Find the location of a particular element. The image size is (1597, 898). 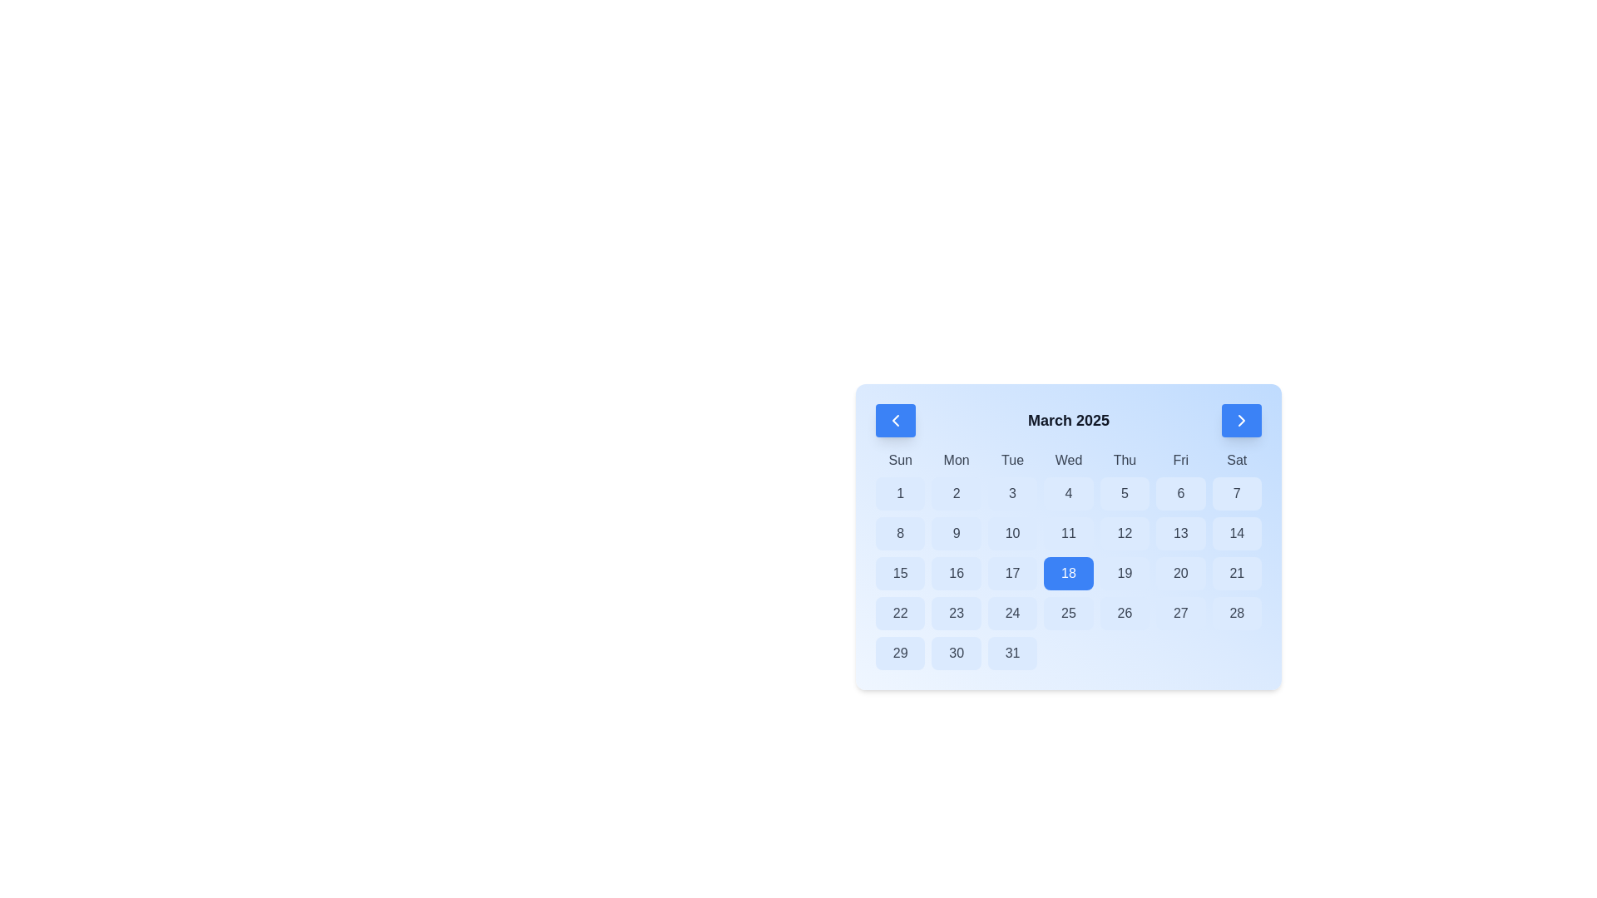

the button representing the date '31' in the calendar is located at coordinates (1011, 653).